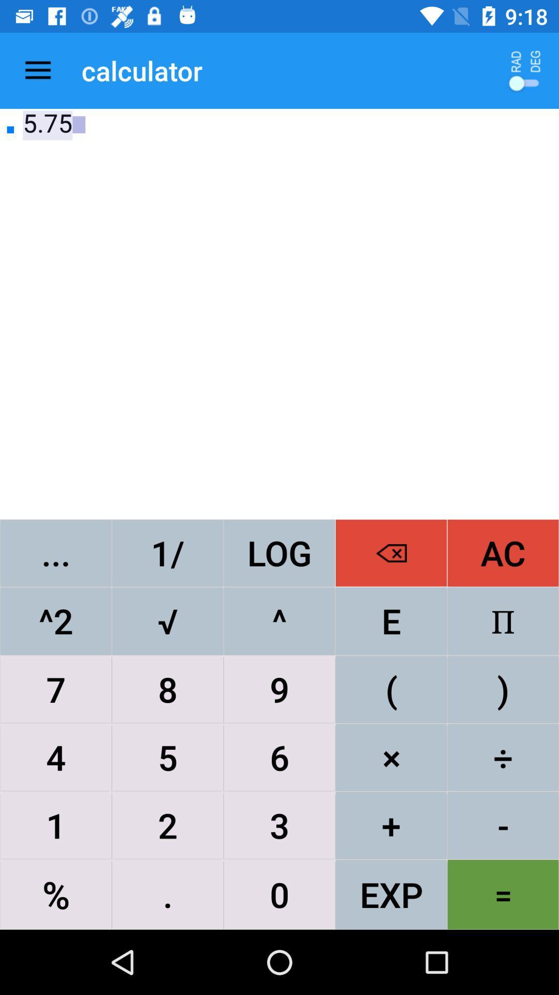 The image size is (559, 995). What do you see at coordinates (391, 621) in the screenshot?
I see `item above the 9 item` at bounding box center [391, 621].